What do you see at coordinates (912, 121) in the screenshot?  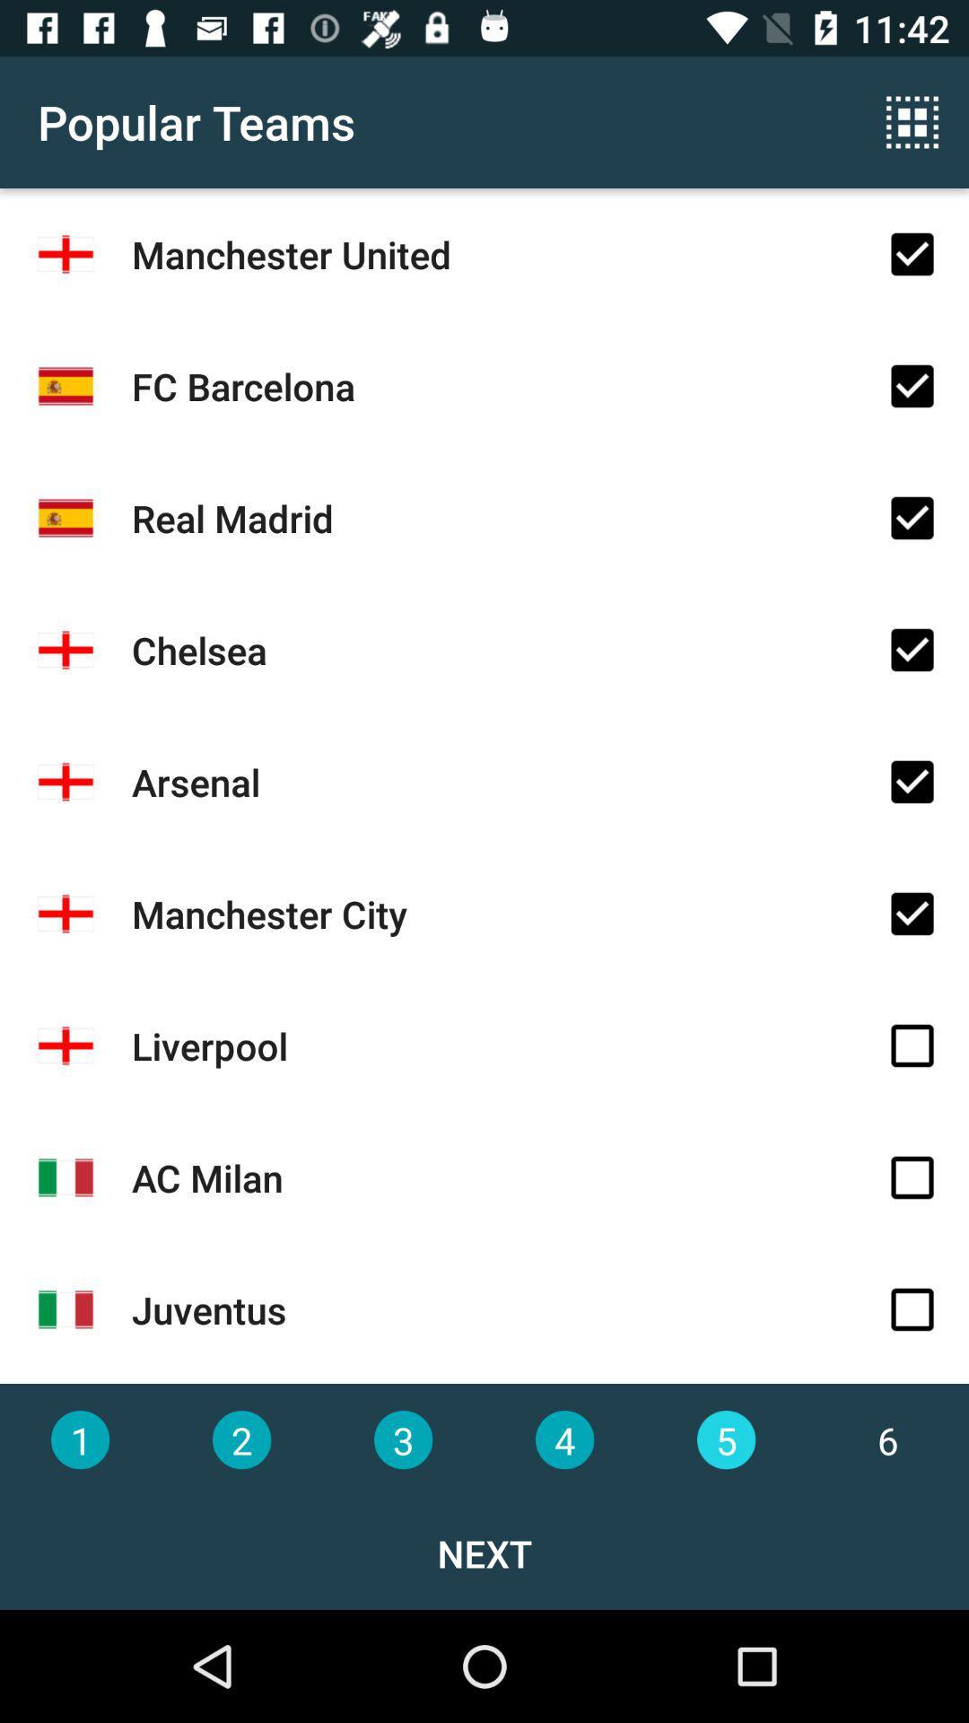 I see `the icon to the right of the popular teams item` at bounding box center [912, 121].